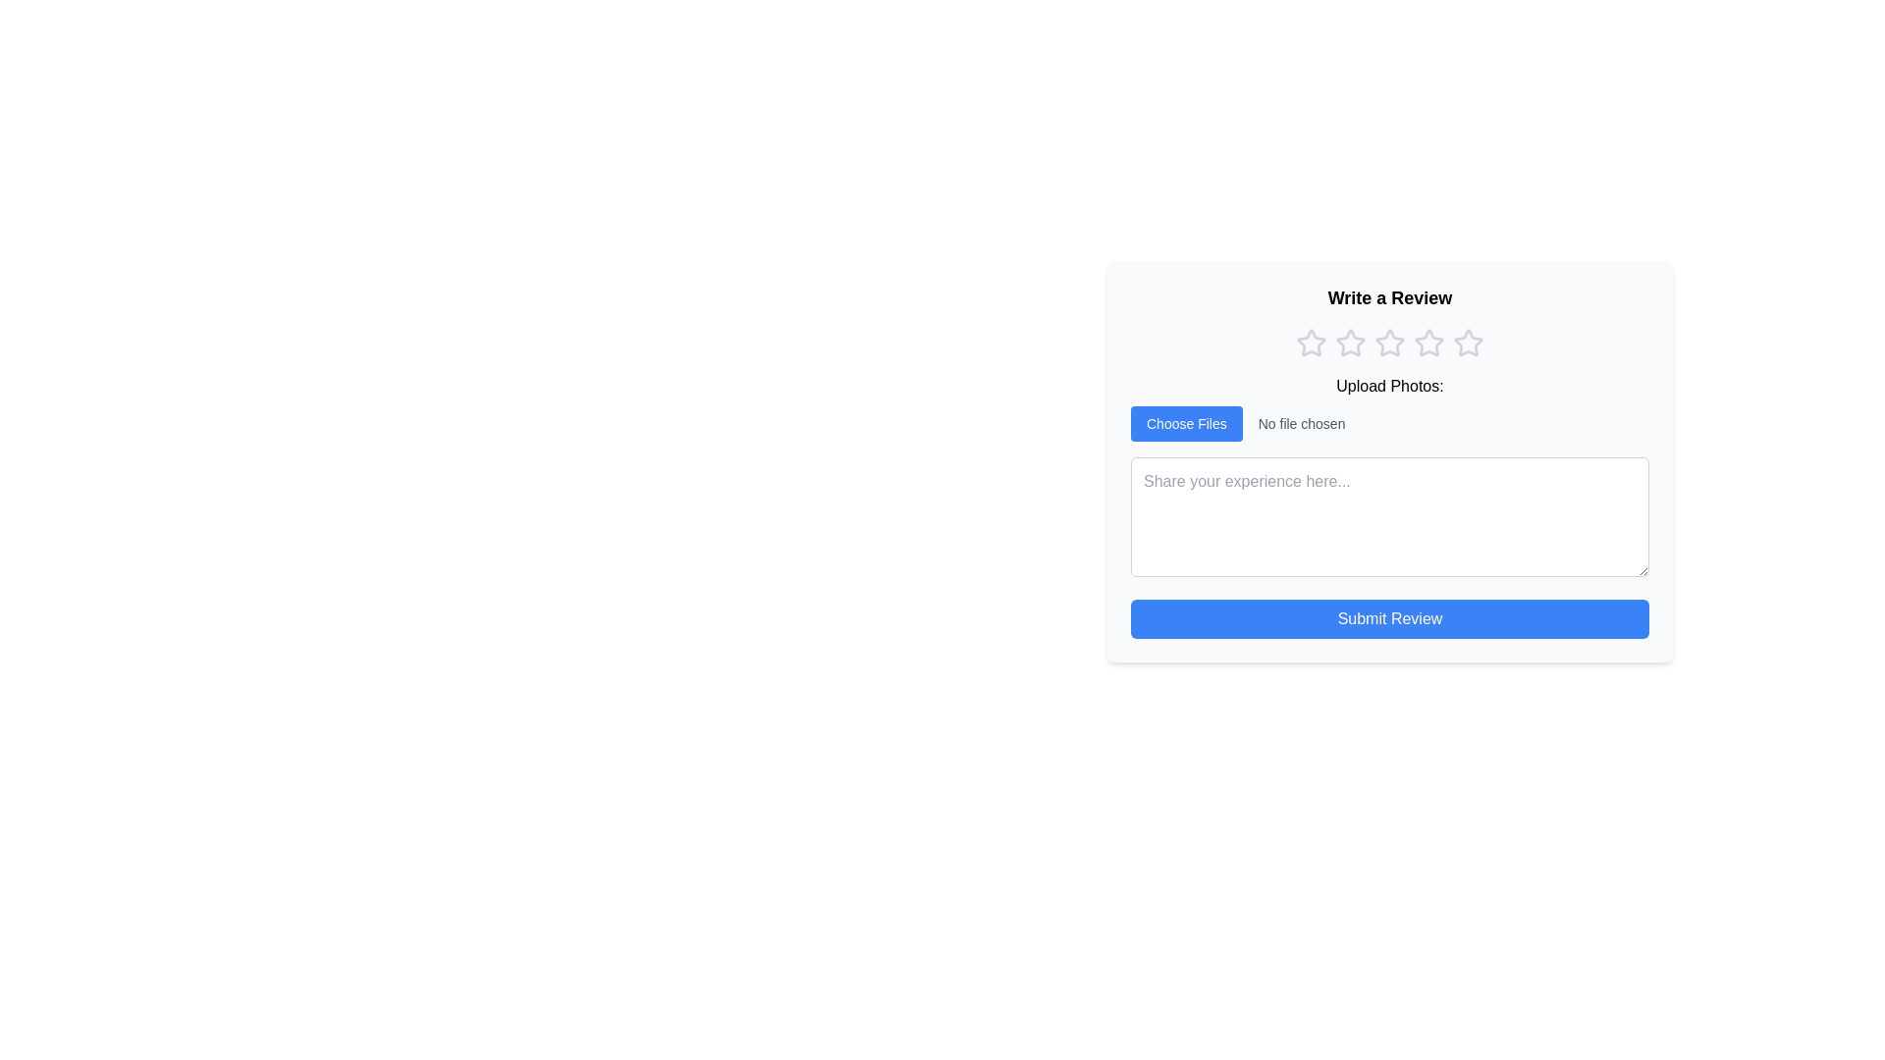 This screenshot has height=1060, width=1885. I want to click on the gray hollow star icon, so click(1350, 343).